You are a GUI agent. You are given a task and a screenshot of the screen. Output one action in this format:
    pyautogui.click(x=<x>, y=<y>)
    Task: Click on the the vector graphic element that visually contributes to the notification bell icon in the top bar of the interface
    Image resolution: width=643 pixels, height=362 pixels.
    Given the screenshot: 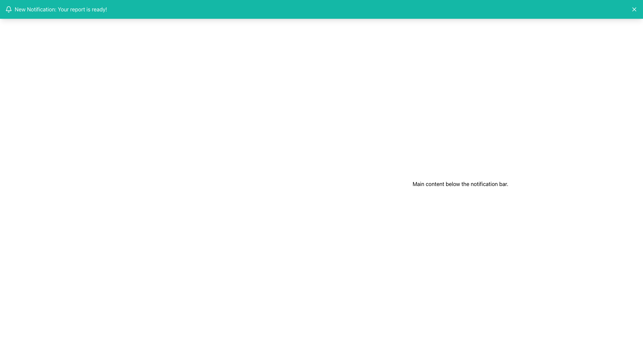 What is the action you would take?
    pyautogui.click(x=8, y=8)
    